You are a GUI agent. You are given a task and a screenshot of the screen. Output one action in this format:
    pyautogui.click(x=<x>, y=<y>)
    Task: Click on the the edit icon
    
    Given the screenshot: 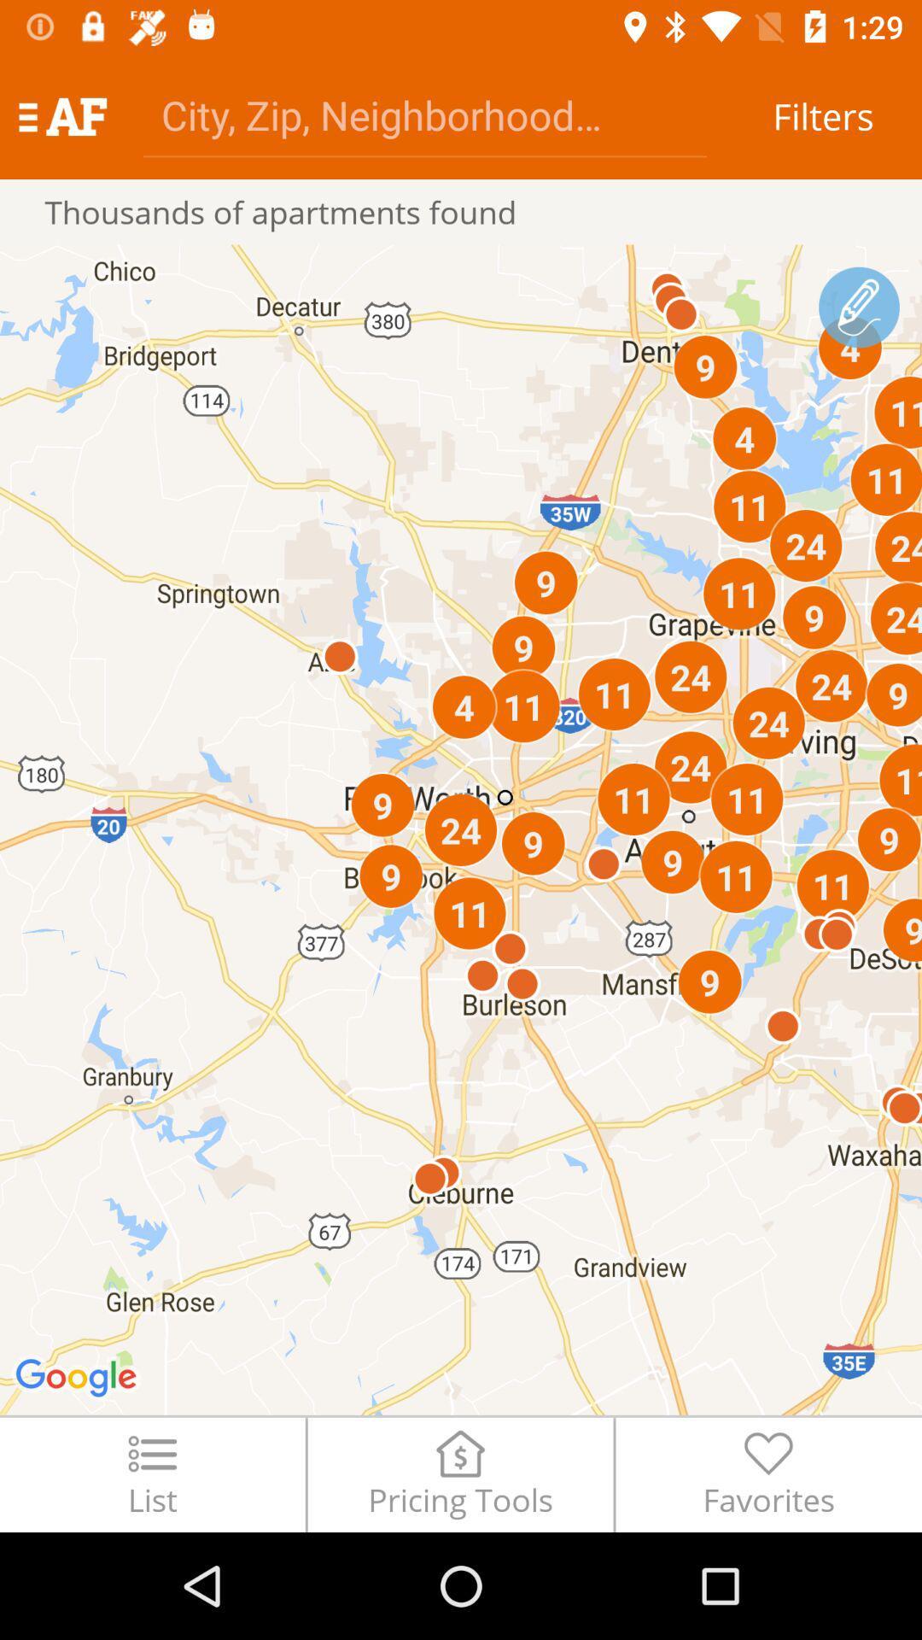 What is the action you would take?
    pyautogui.click(x=859, y=307)
    